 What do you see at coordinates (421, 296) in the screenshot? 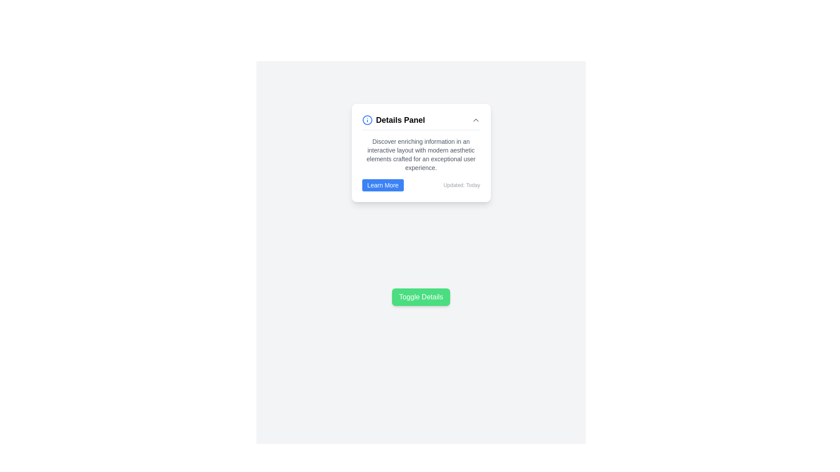
I see `the 'Toggle Details' button, which has a soft green background and white text, to change its background color` at bounding box center [421, 296].